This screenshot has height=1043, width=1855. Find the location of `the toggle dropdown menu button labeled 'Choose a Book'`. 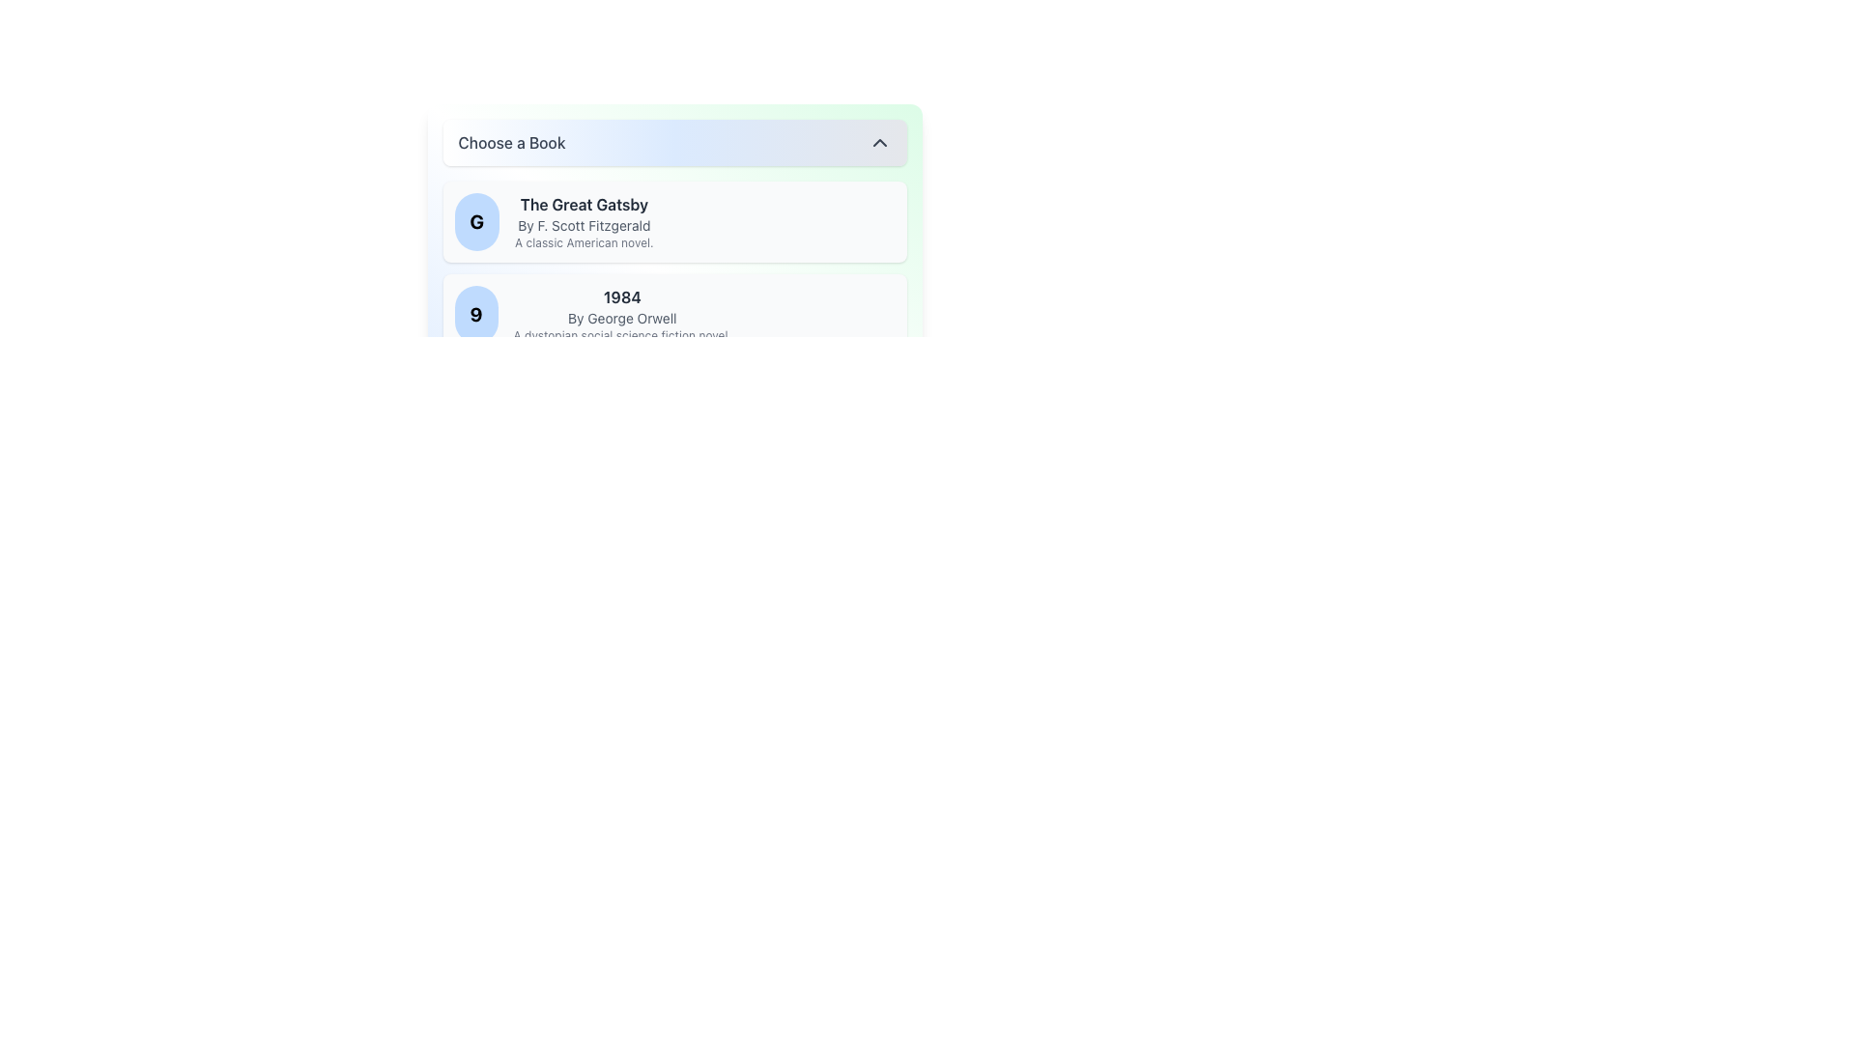

the toggle dropdown menu button labeled 'Choose a Book' is located at coordinates (674, 141).